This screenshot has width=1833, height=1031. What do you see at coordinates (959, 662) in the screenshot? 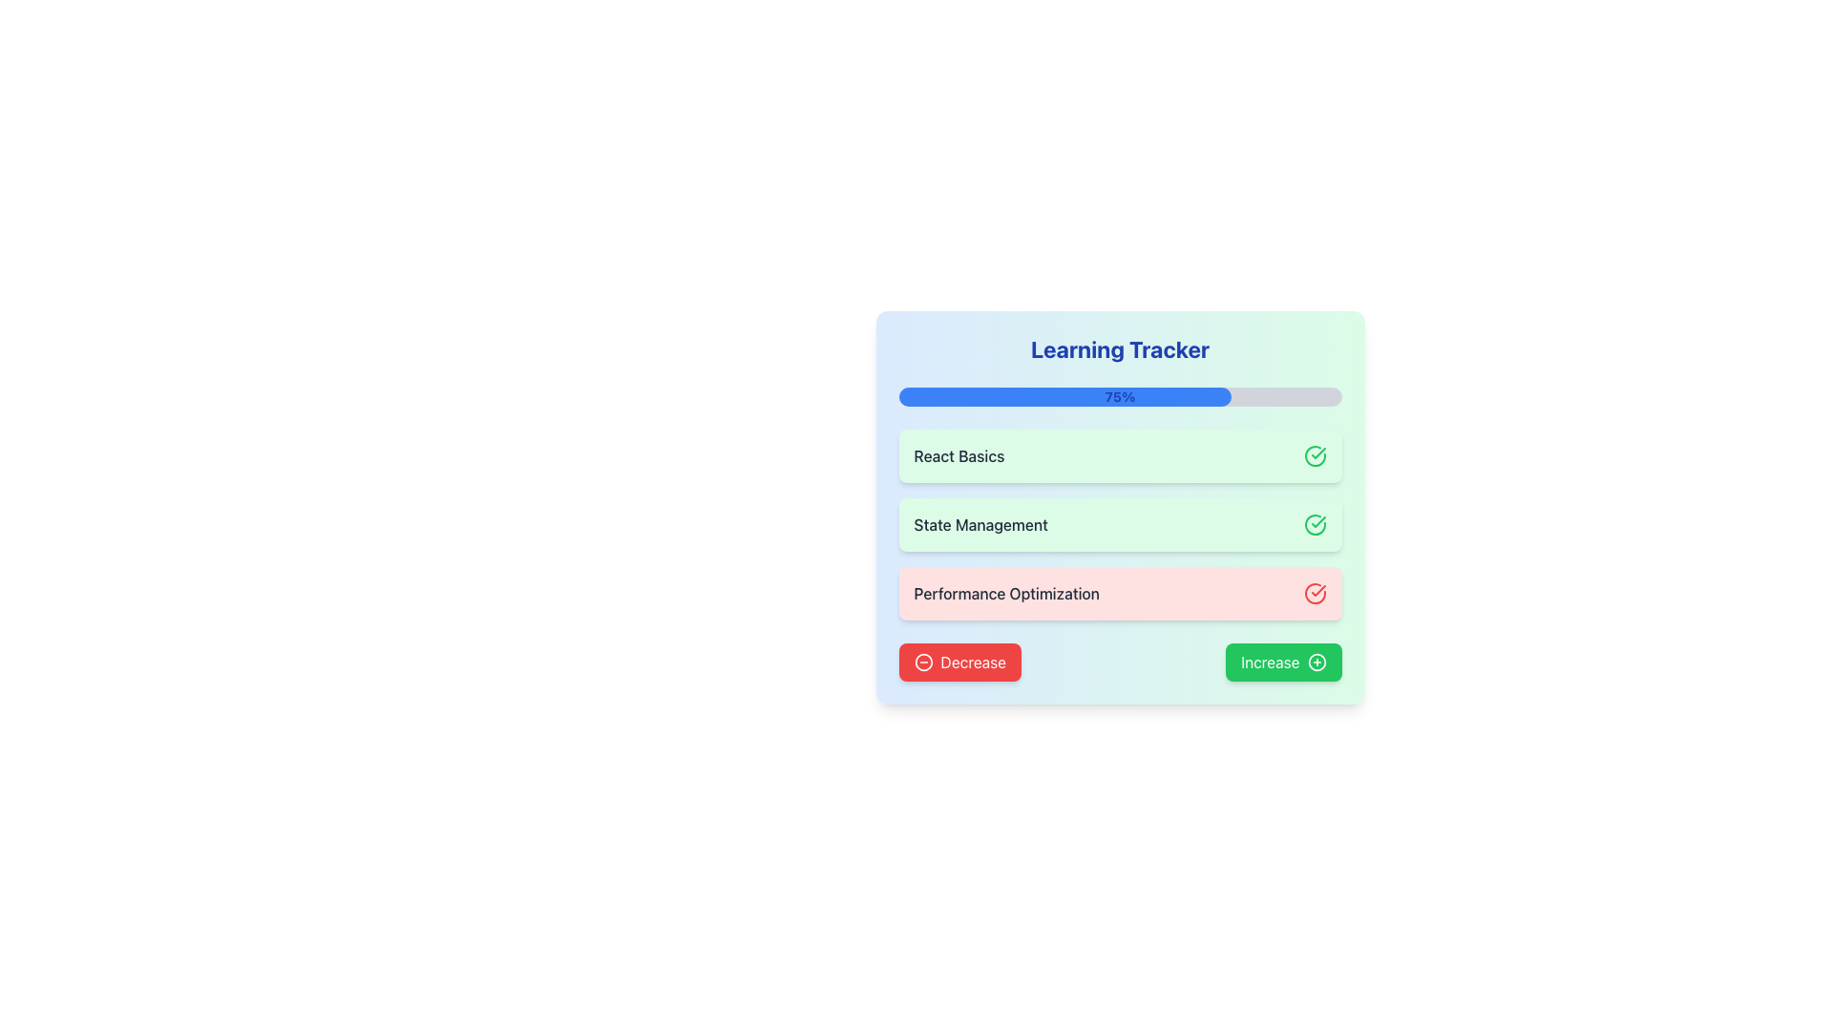
I see `the button that decreases the value or progress in the application, located in the control section at the bottom left of the 'Increase' button` at bounding box center [959, 662].